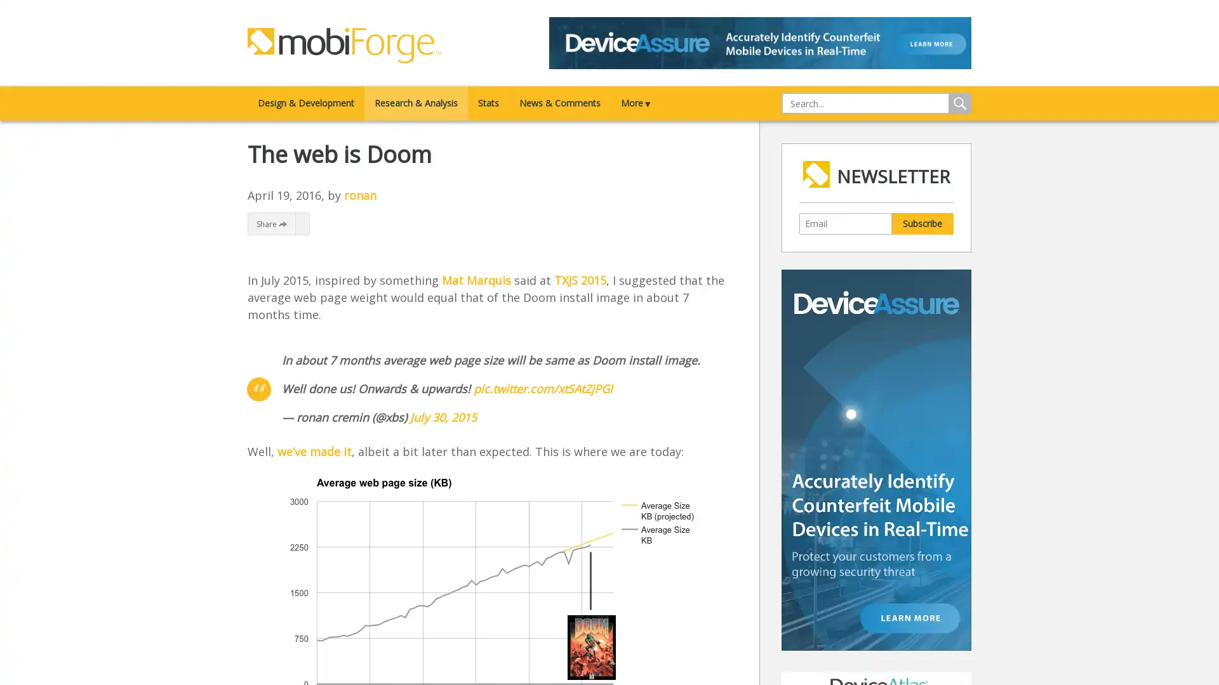  What do you see at coordinates (922, 222) in the screenshot?
I see `Subscribe` at bounding box center [922, 222].